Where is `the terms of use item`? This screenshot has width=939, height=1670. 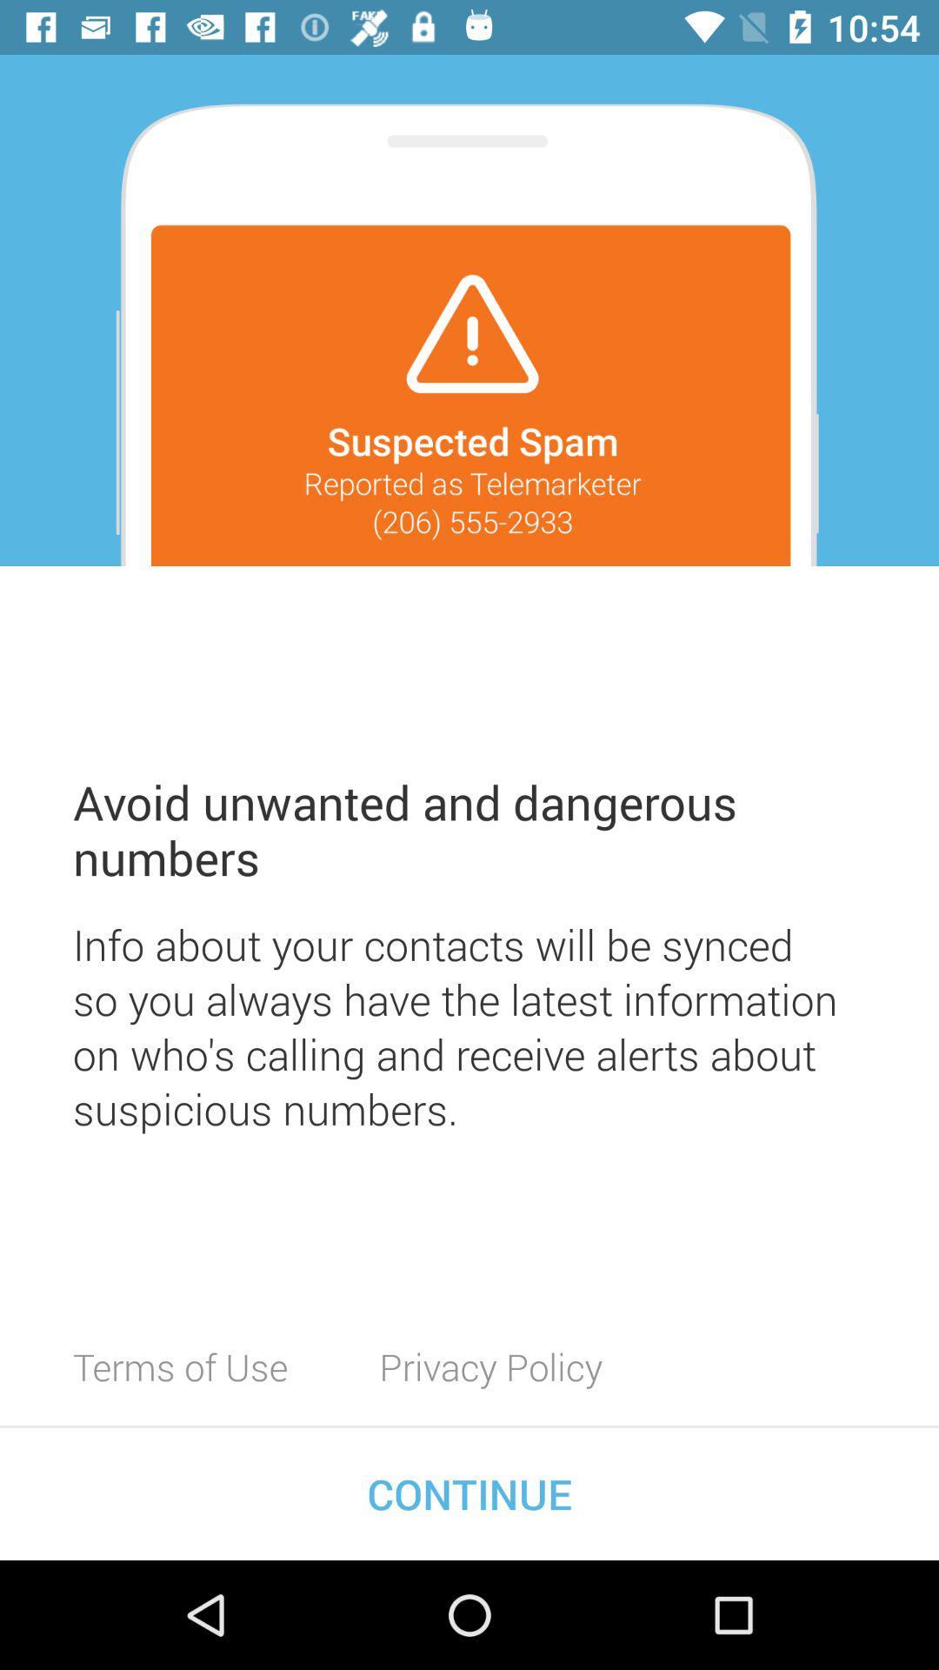
the terms of use item is located at coordinates (180, 1366).